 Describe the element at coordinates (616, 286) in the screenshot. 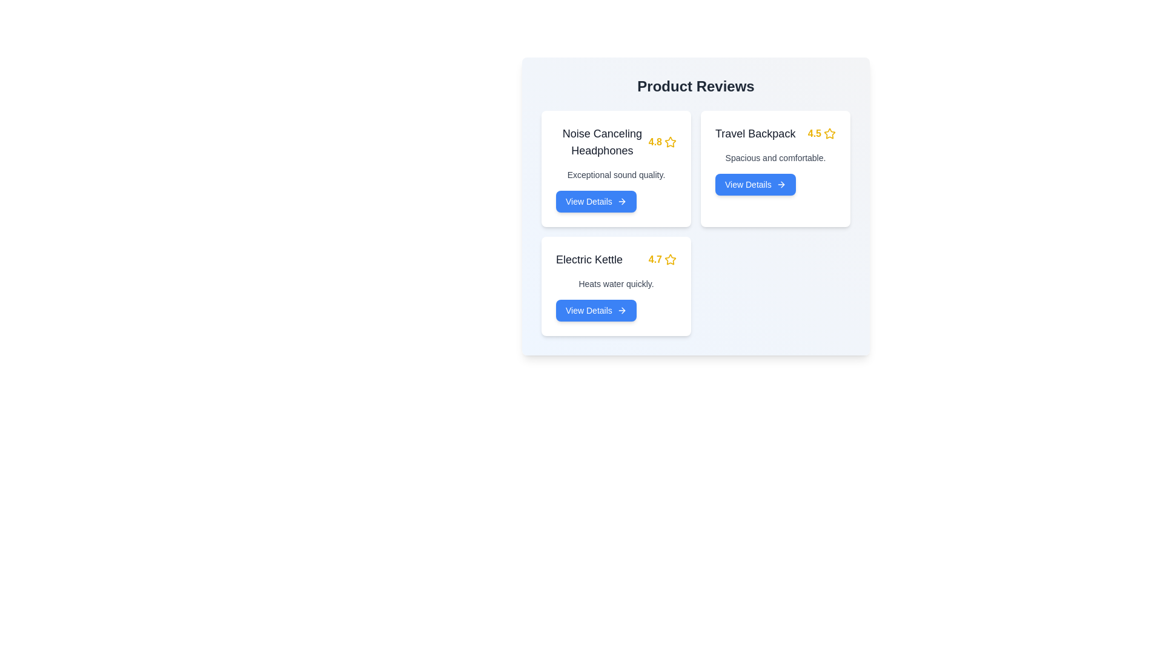

I see `the product card for Electric Kettle` at that location.